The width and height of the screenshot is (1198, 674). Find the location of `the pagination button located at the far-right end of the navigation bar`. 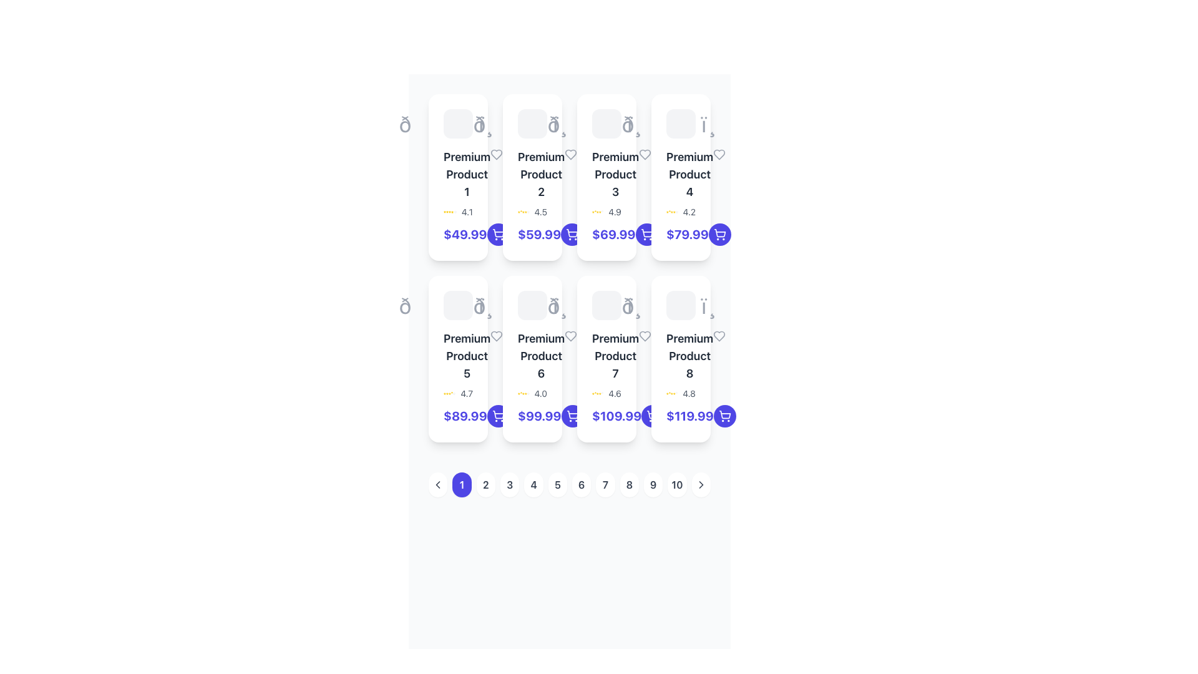

the pagination button located at the far-right end of the navigation bar is located at coordinates (701, 484).